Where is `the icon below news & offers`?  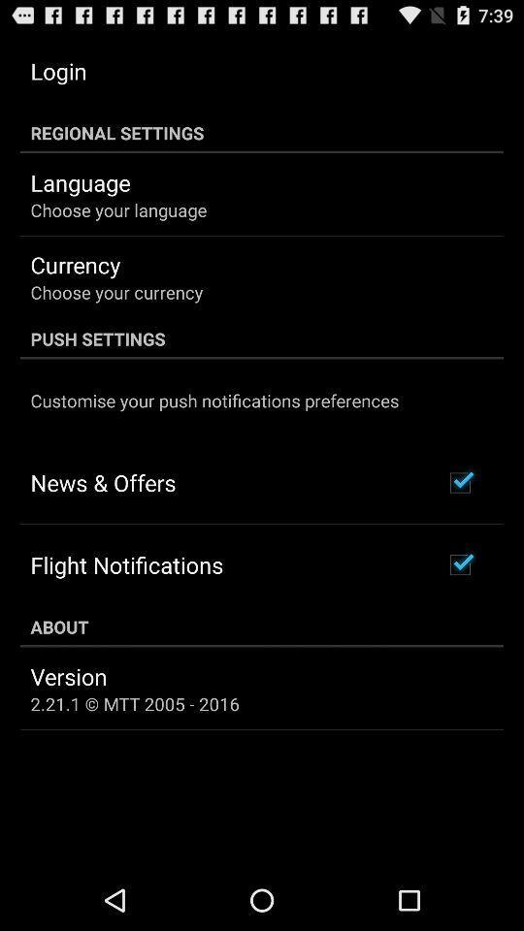
the icon below news & offers is located at coordinates (126, 564).